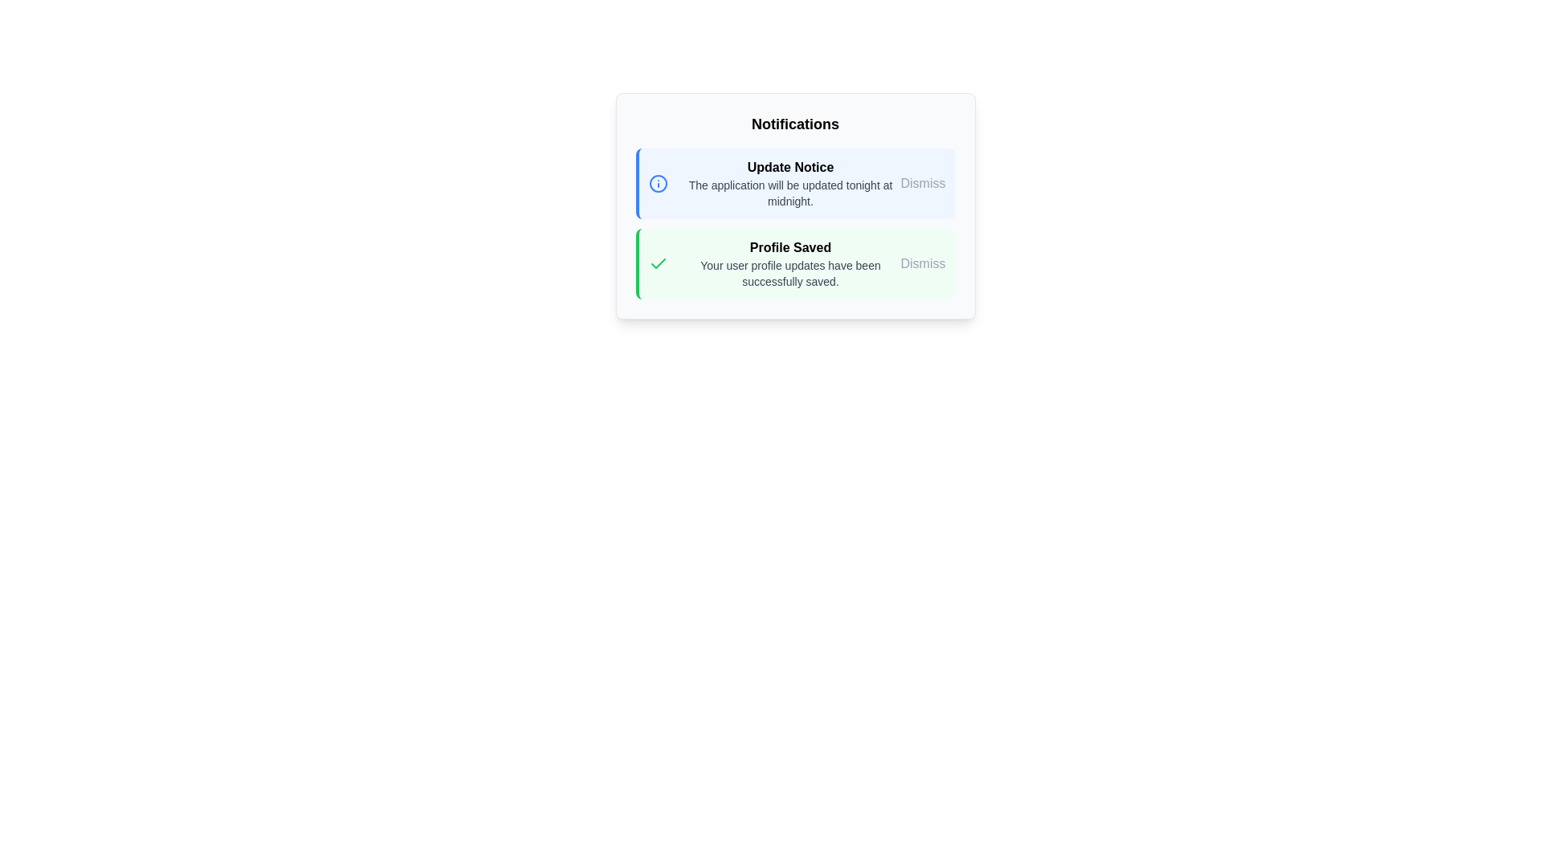  Describe the element at coordinates (923, 263) in the screenshot. I see `the dismiss button located at the top-right corner of the 'Profile Saved' notification section` at that location.